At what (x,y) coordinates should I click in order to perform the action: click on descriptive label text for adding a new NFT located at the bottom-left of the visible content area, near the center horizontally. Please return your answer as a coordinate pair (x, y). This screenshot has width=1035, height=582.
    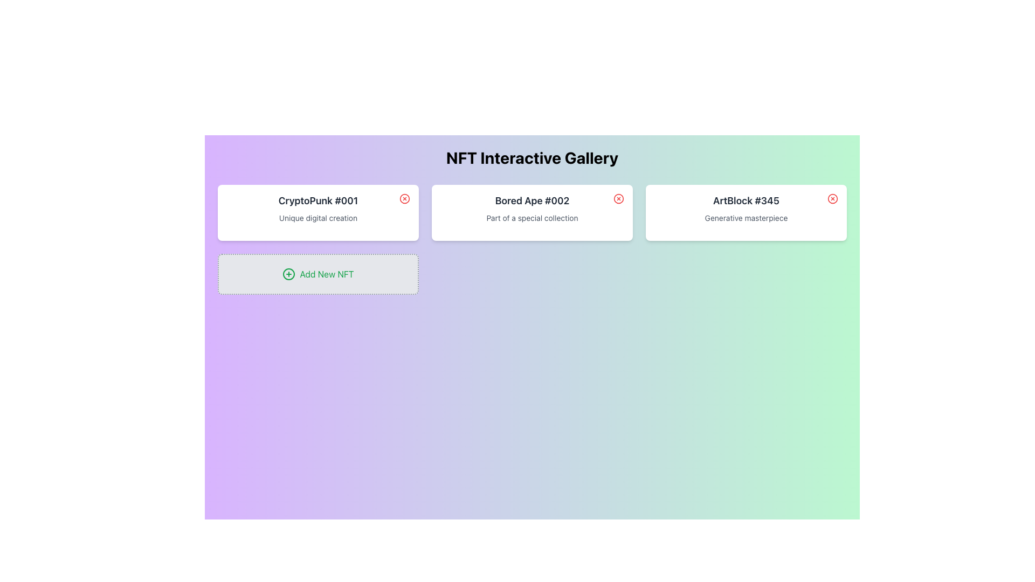
    Looking at the image, I should click on (326, 274).